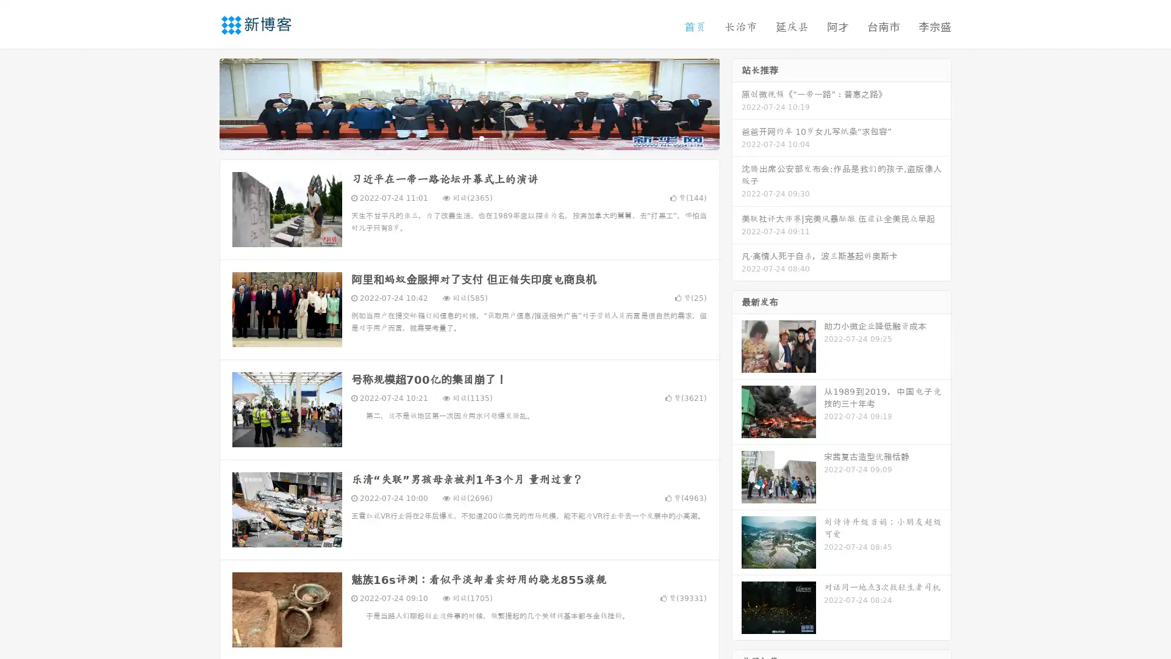 This screenshot has height=659, width=1171. What do you see at coordinates (201, 103) in the screenshot?
I see `Previous slide` at bounding box center [201, 103].